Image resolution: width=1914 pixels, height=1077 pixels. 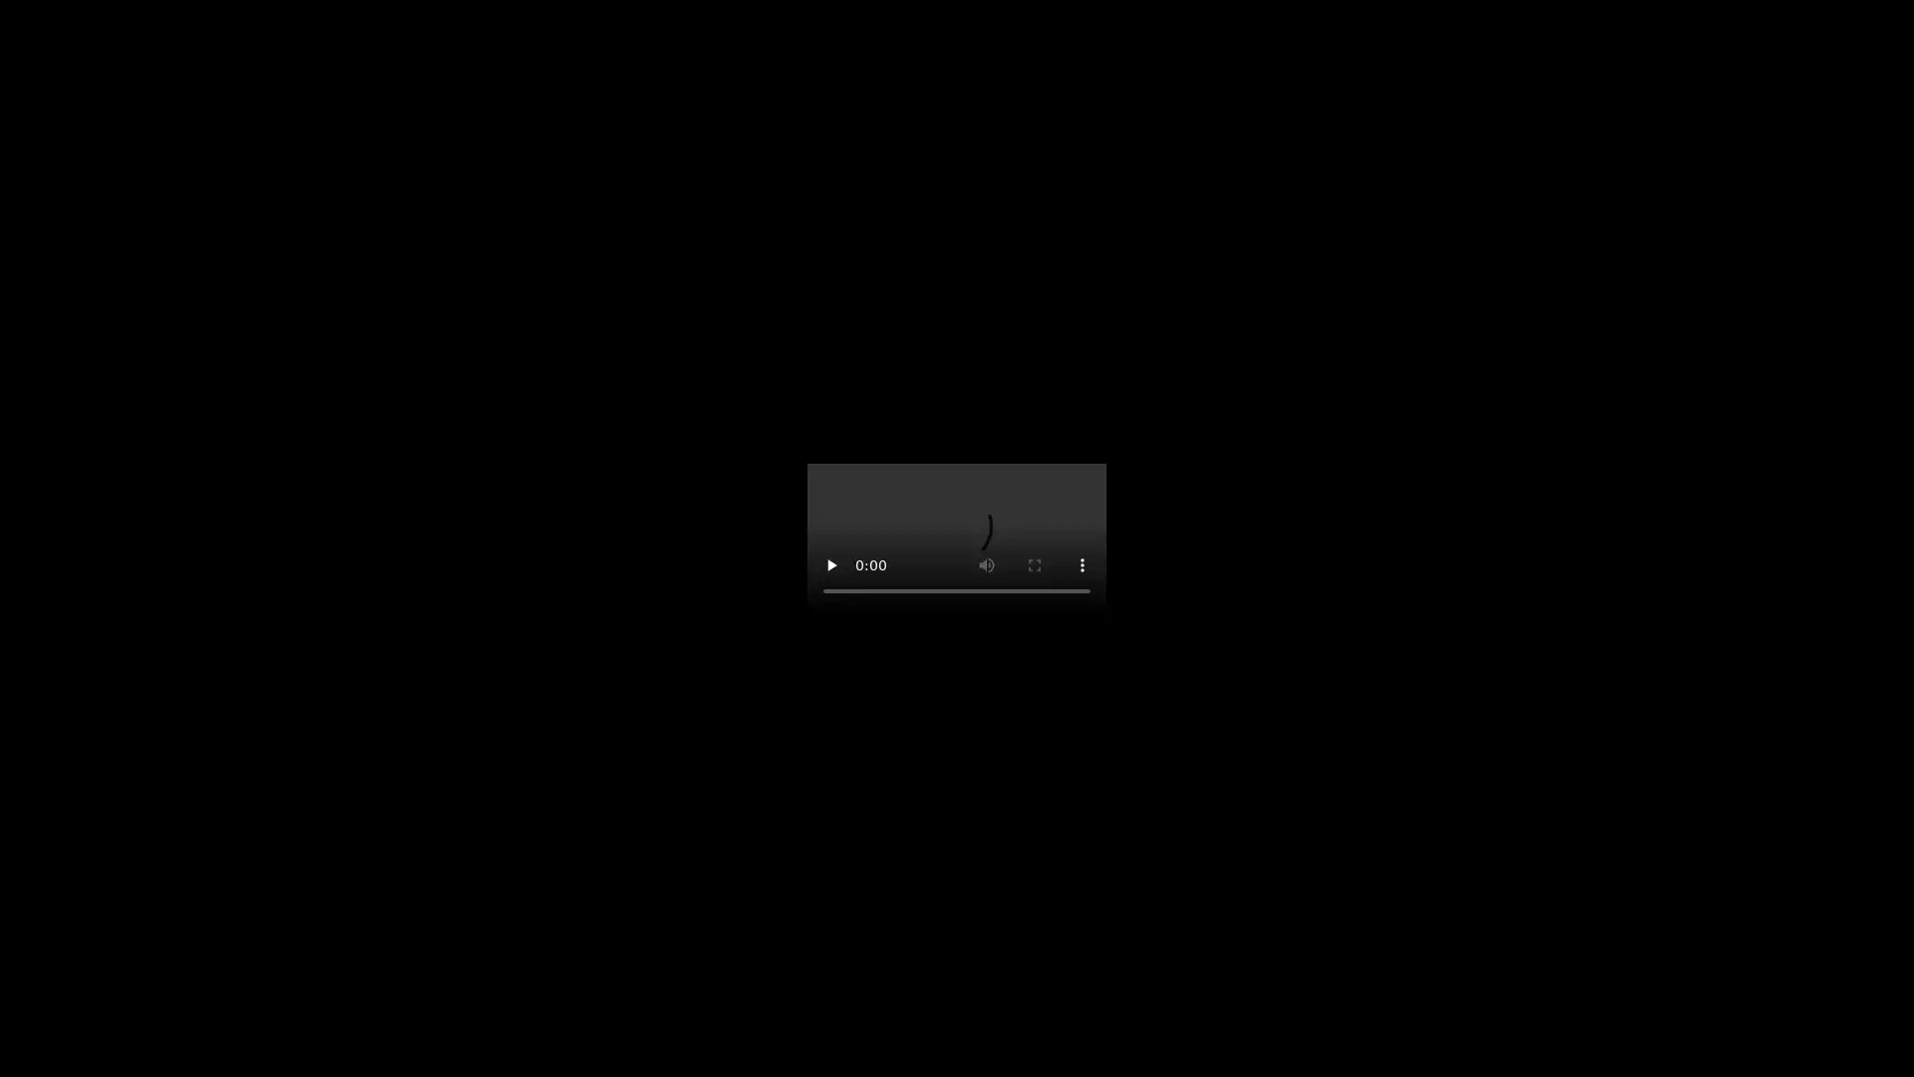 I want to click on show more media controls, so click(x=1080, y=584).